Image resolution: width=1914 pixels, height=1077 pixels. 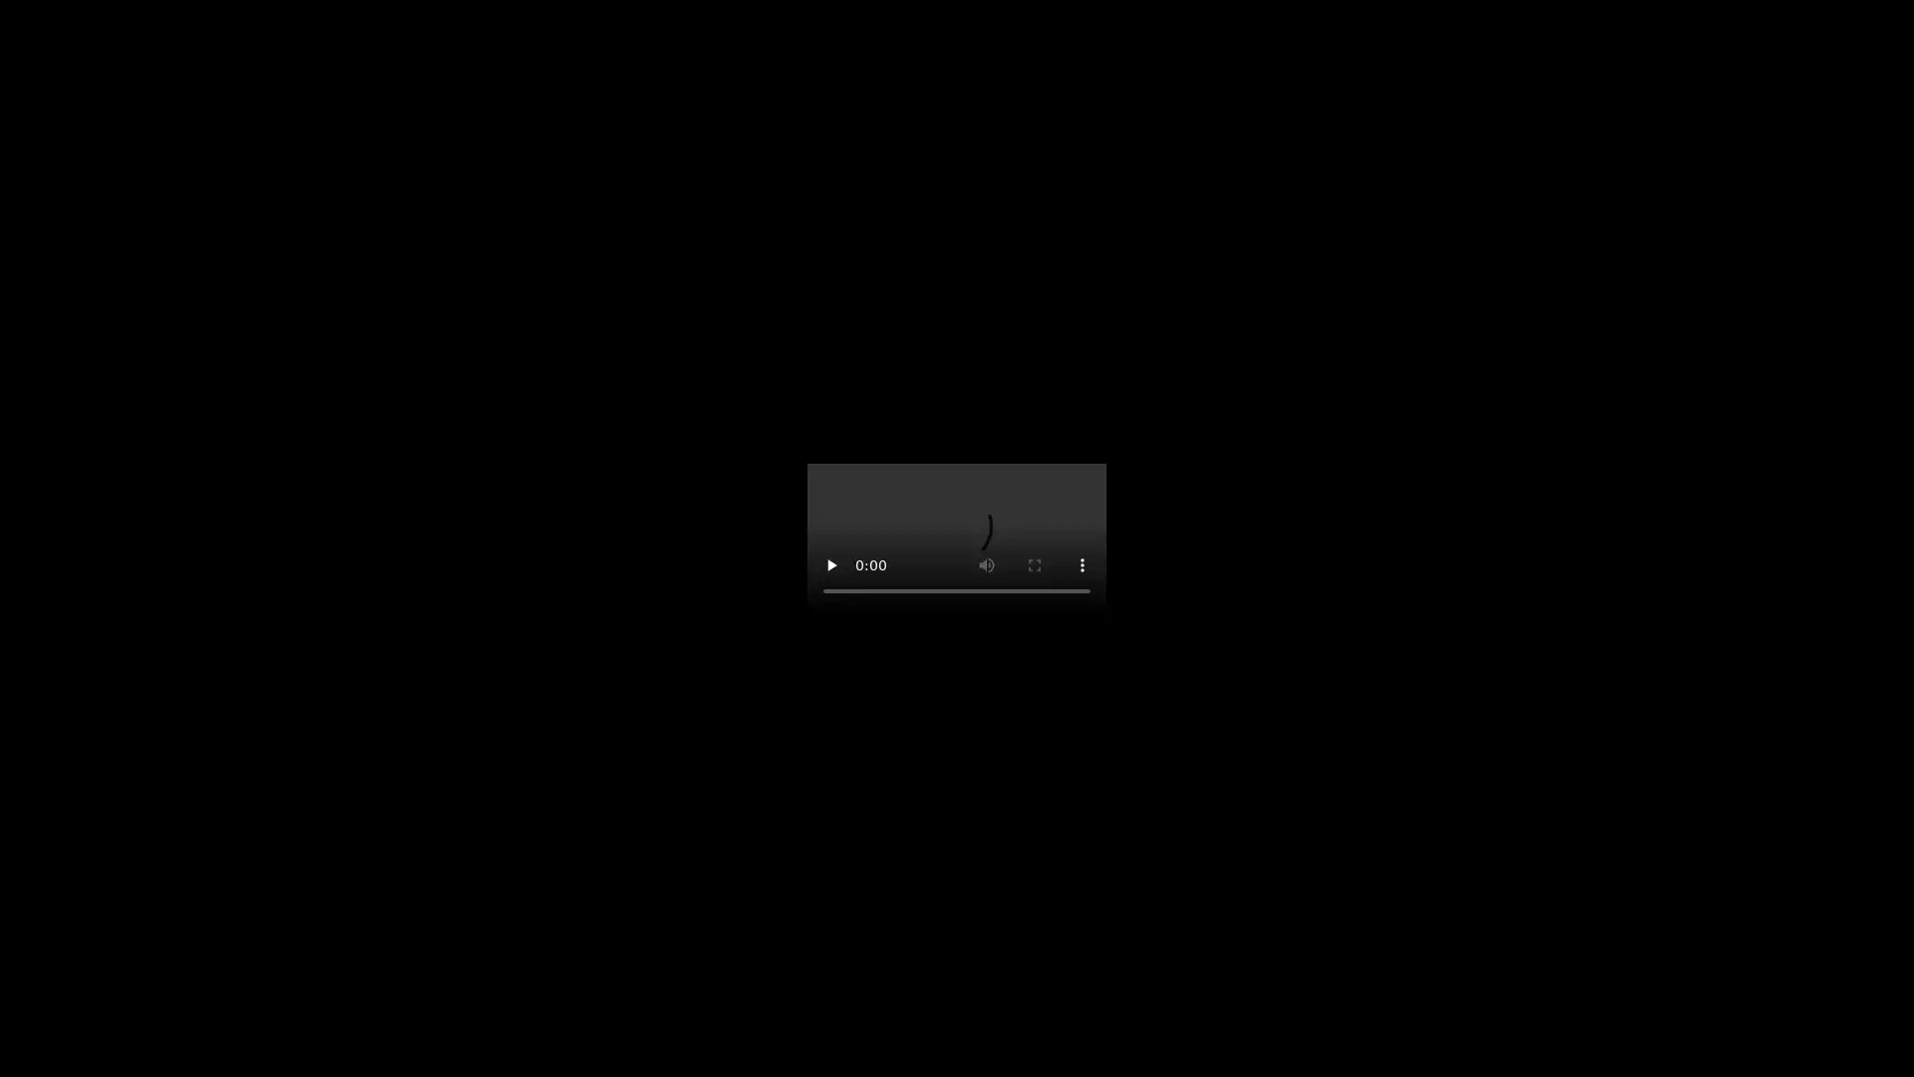 I want to click on show more media controls, so click(x=1080, y=584).